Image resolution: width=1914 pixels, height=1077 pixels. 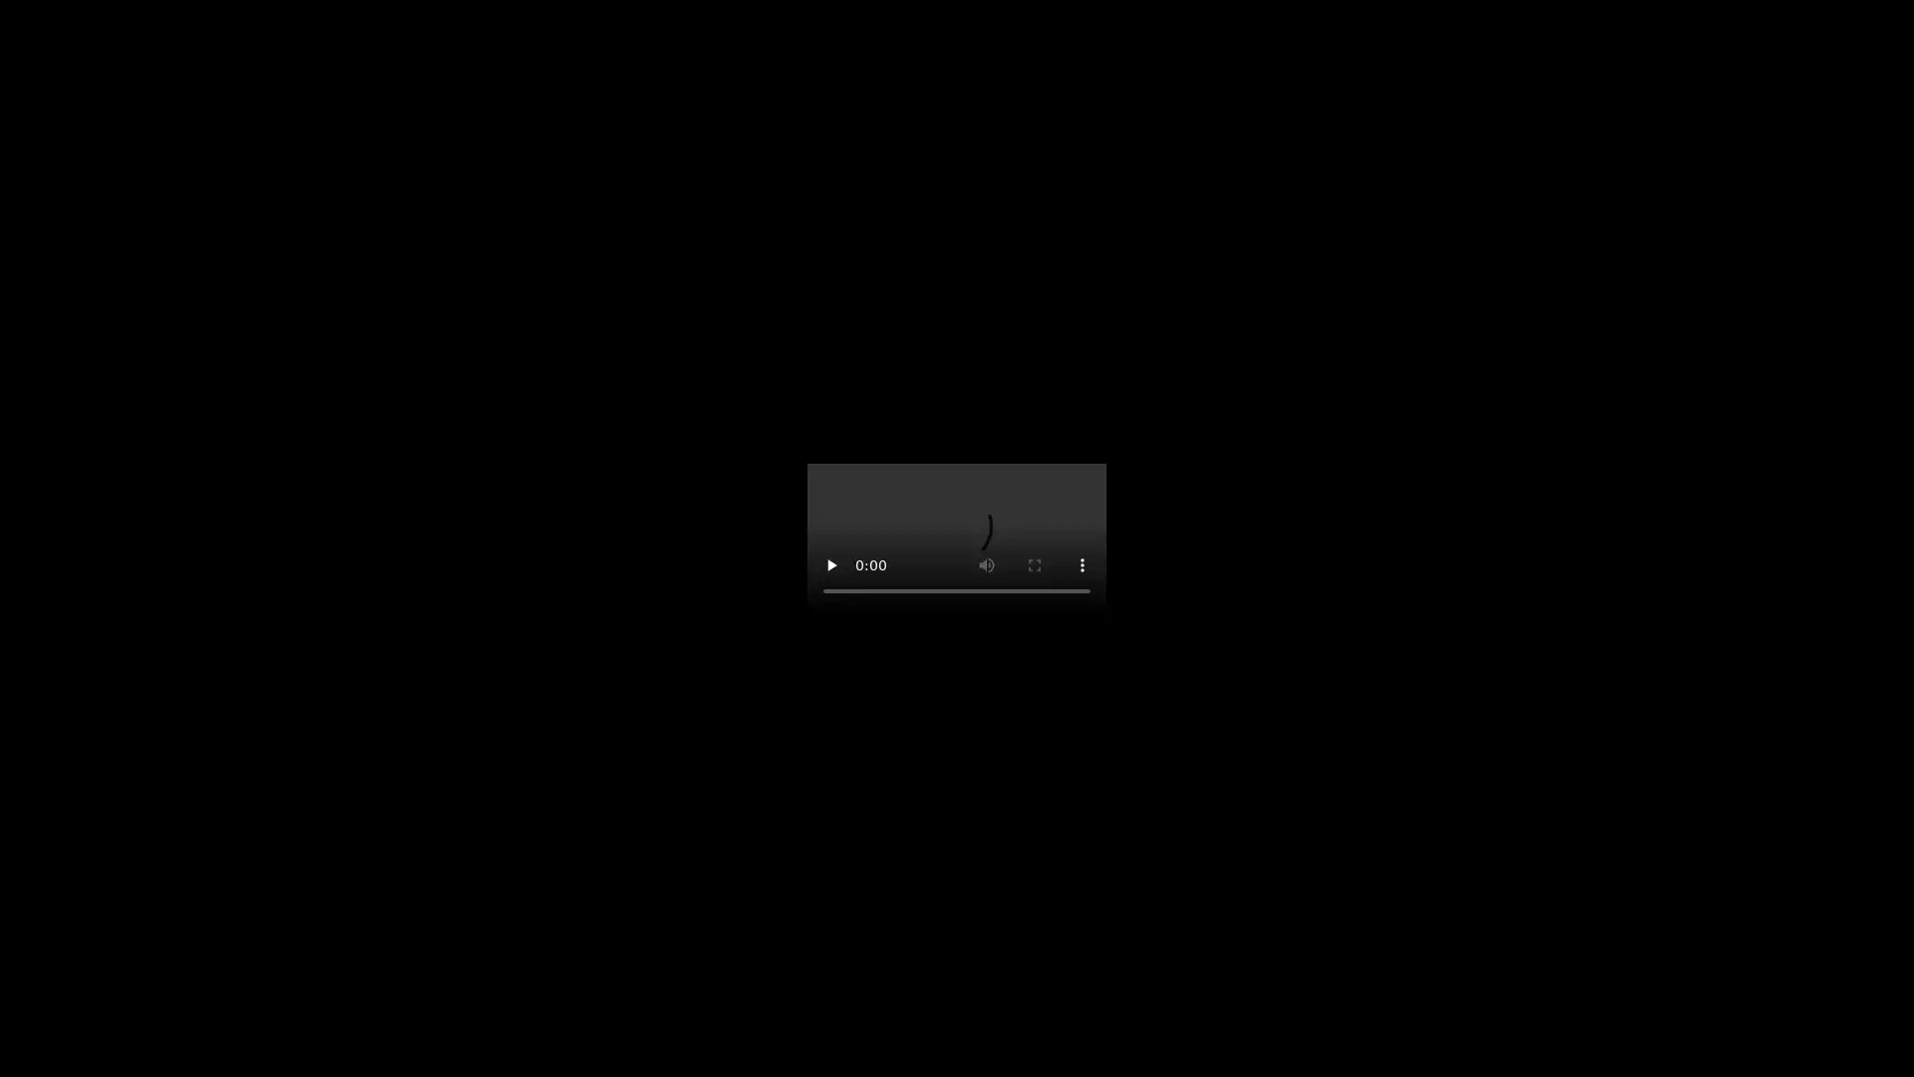 I want to click on show more media controls, so click(x=1080, y=584).